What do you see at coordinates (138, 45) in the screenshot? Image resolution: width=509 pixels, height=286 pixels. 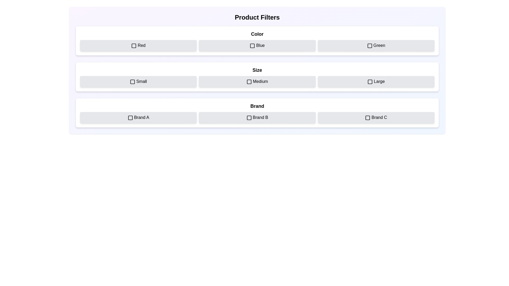 I see `the 'Red' checkbox button located in the first column of the top row in the 'Color' filter group` at bounding box center [138, 45].